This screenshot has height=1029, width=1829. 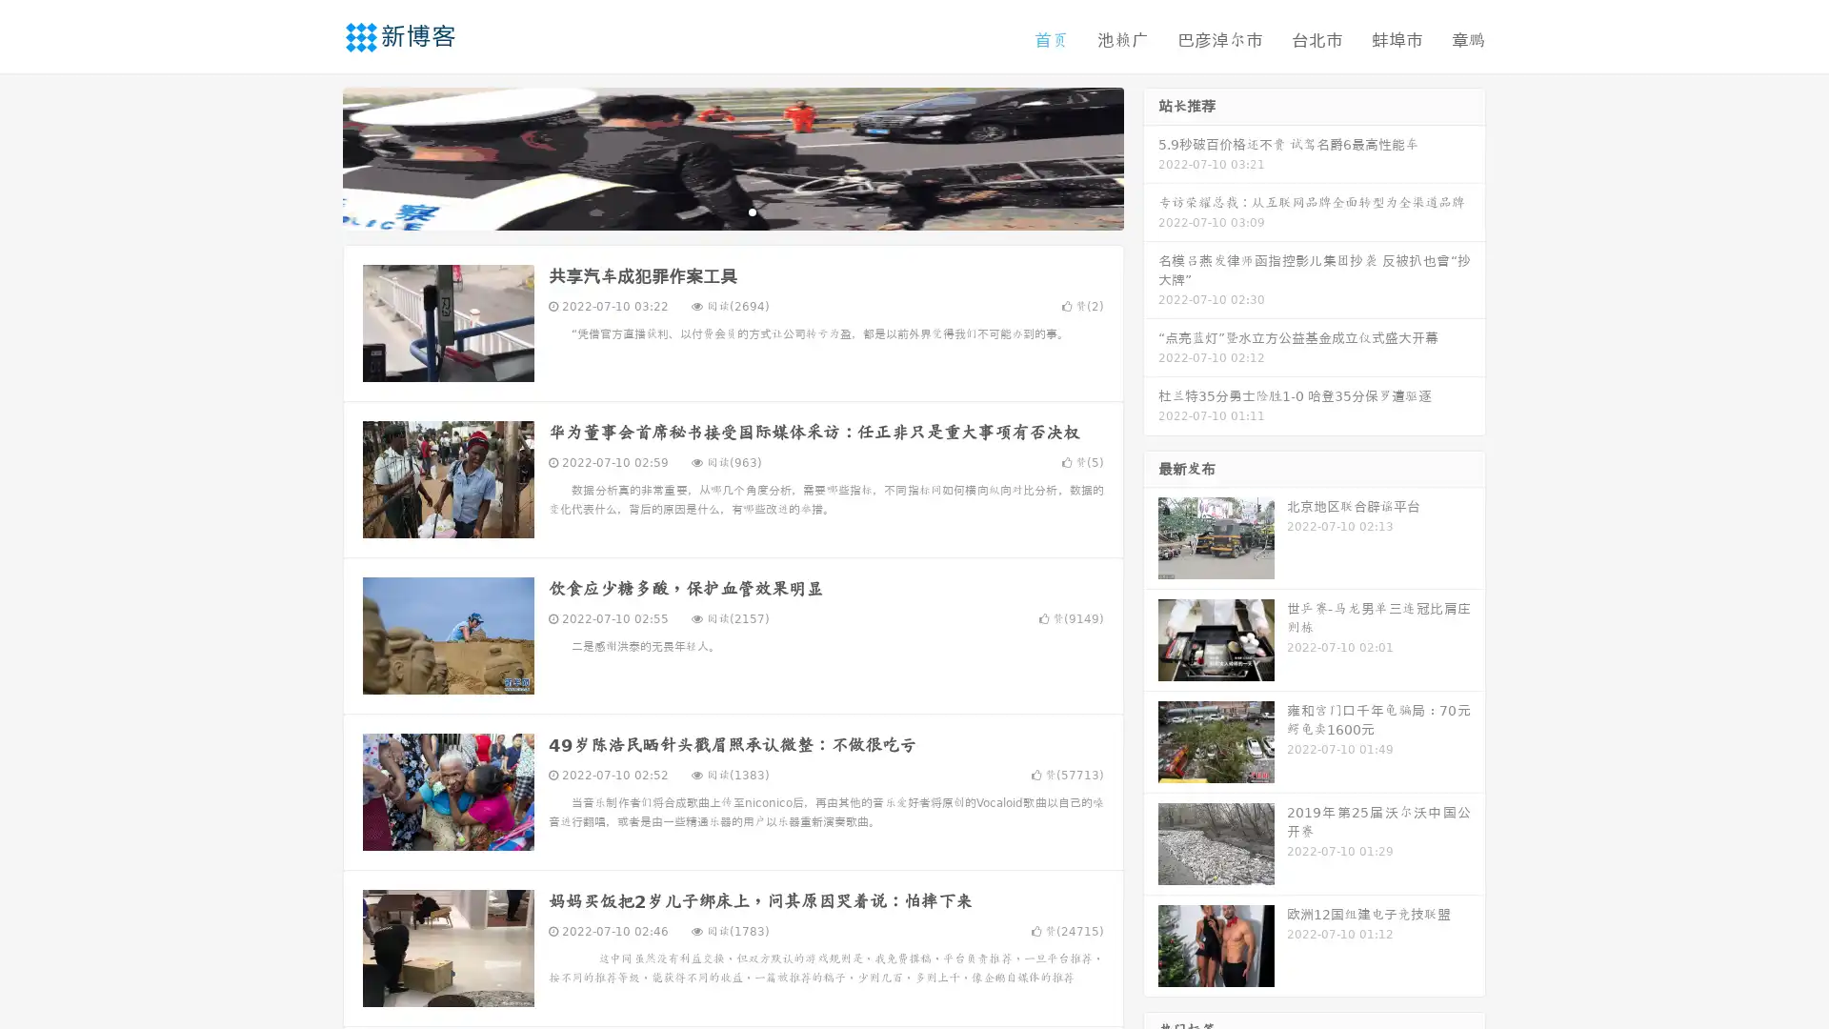 What do you see at coordinates (752, 214) in the screenshot?
I see `Go to slide 3` at bounding box center [752, 214].